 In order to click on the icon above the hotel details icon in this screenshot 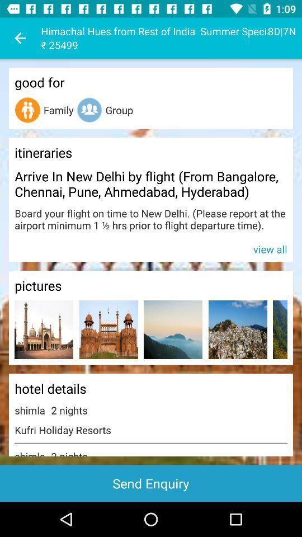, I will do `click(173, 329)`.